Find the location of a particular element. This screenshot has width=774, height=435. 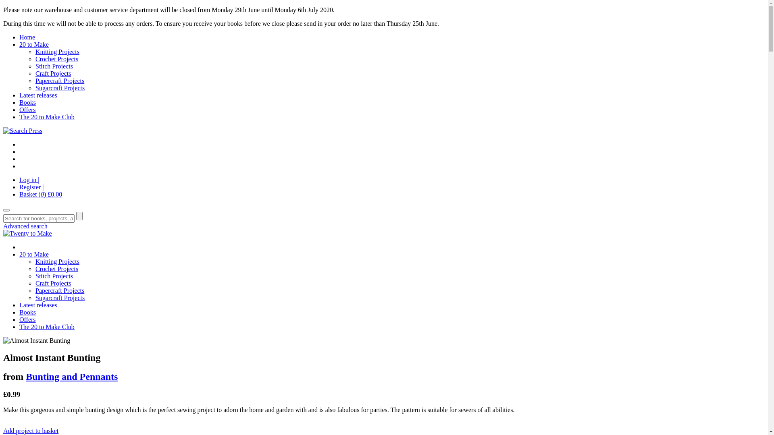

'Latest releases' is located at coordinates (38, 95).